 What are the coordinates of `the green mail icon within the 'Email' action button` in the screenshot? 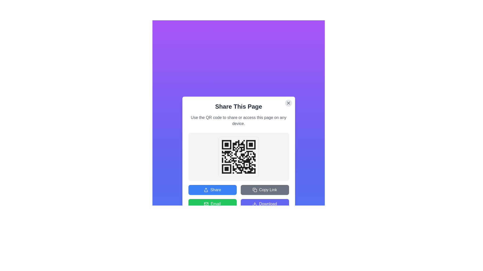 It's located at (206, 204).